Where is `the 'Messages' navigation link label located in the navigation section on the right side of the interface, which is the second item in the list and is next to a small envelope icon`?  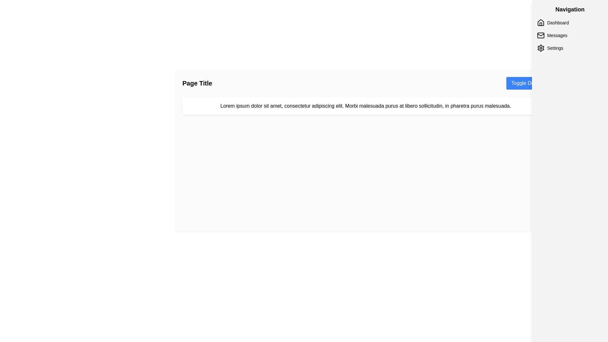 the 'Messages' navigation link label located in the navigation section on the right side of the interface, which is the second item in the list and is next to a small envelope icon is located at coordinates (557, 35).